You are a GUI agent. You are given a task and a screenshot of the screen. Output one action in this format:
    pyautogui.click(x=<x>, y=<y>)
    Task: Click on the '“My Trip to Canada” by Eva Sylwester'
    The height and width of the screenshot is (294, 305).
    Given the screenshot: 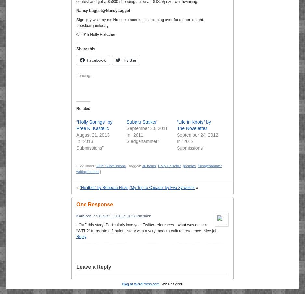 What is the action you would take?
    pyautogui.click(x=162, y=187)
    